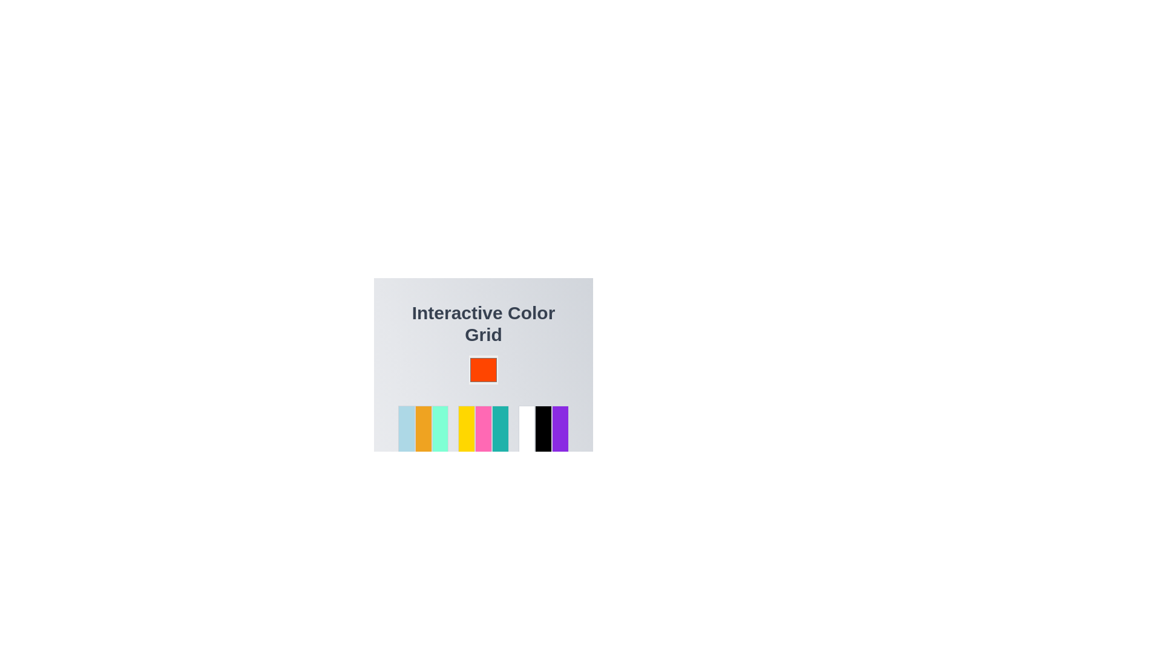 The width and height of the screenshot is (1162, 653). I want to click on the Color item located in the last row and middle column of the grid layout, which is part of the third group of three elements in the bottom-right corner, so click(543, 429).